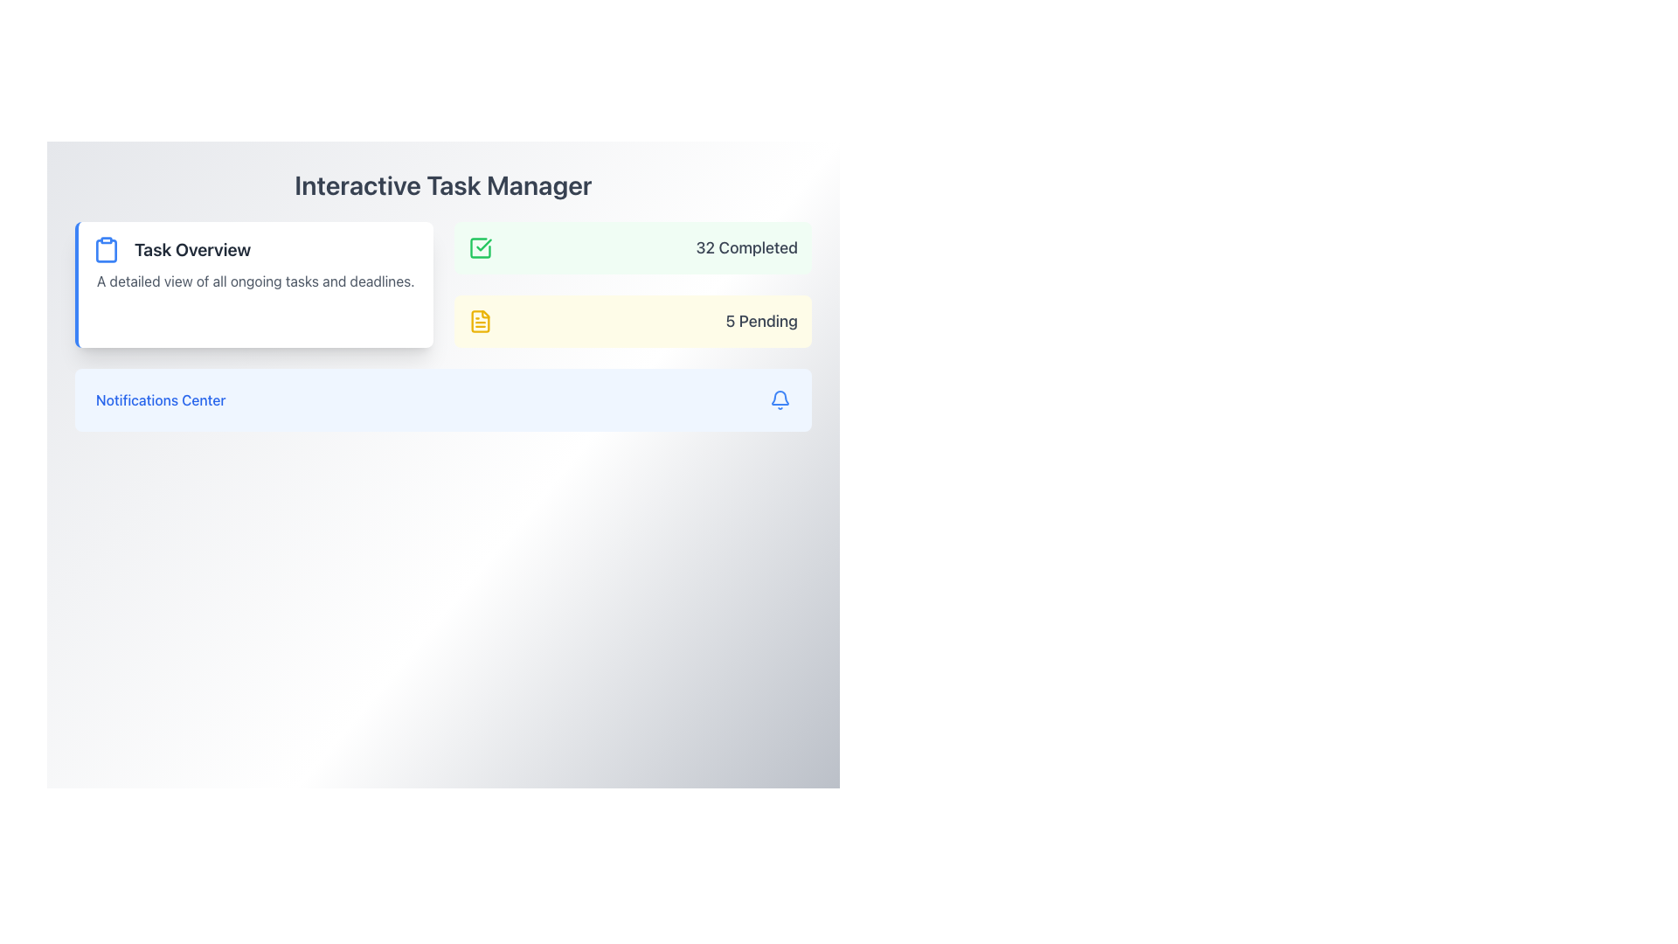 The image size is (1678, 944). I want to click on the Text Label in the 'Task Overview' component that provides additional information regarding associated tasks and deadlines, so click(254, 280).